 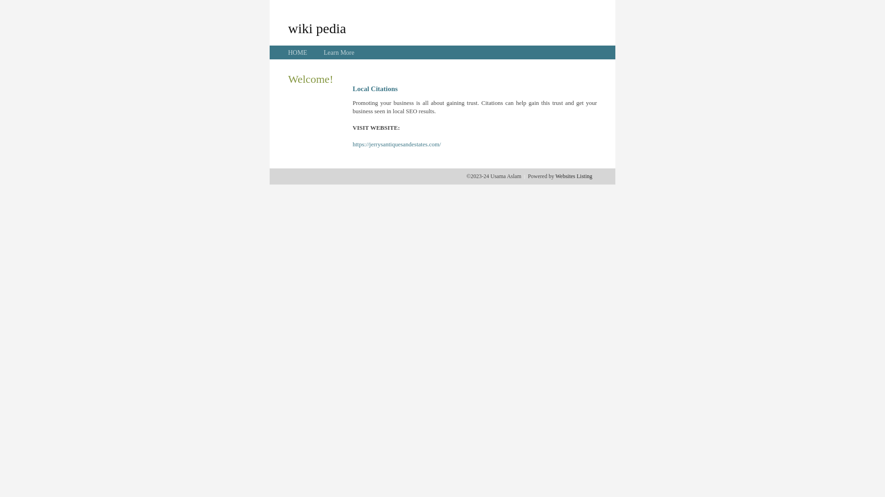 What do you see at coordinates (352, 144) in the screenshot?
I see `'https://jerrysantiquesandestates.com/'` at bounding box center [352, 144].